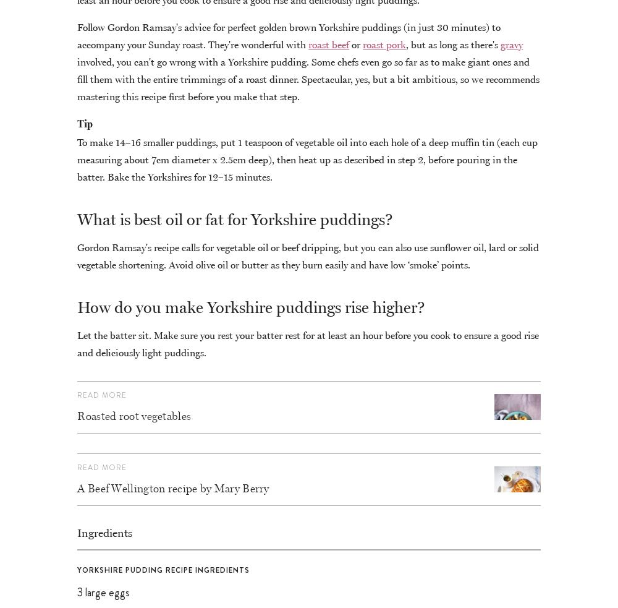 Image resolution: width=618 pixels, height=608 pixels. What do you see at coordinates (103, 592) in the screenshot?
I see `'3 large eggs'` at bounding box center [103, 592].